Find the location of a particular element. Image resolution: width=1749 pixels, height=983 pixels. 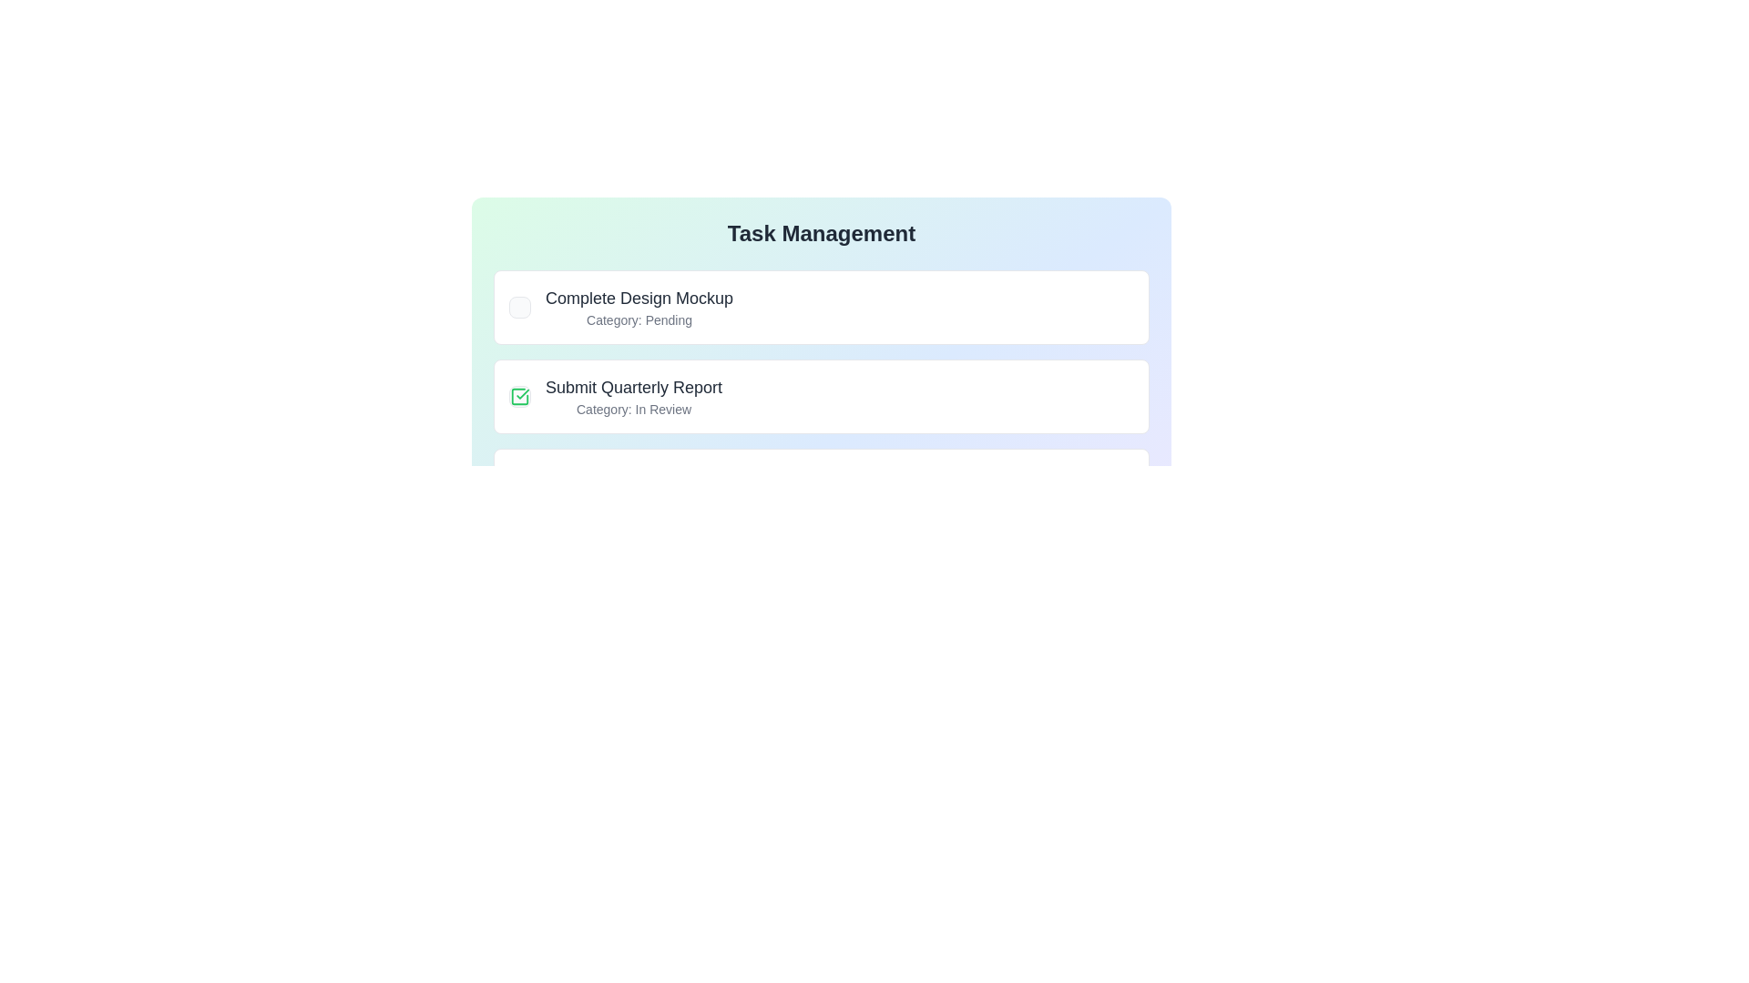

text of the task title label located within the task management interface, specifically positioned below the checkbox and above the category label in the second task card is located at coordinates (634, 386).